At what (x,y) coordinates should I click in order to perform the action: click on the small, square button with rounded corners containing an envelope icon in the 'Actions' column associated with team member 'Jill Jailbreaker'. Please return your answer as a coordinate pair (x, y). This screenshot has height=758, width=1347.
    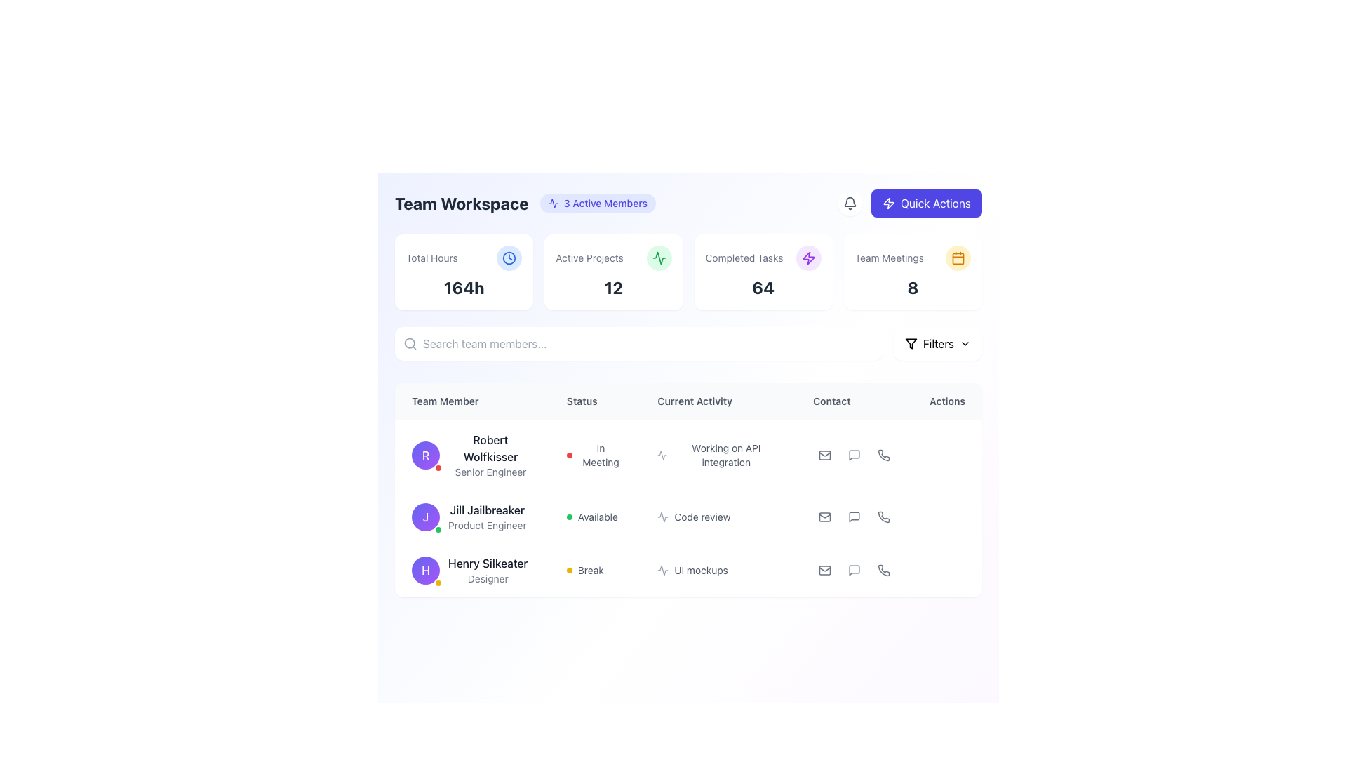
    Looking at the image, I should click on (825, 517).